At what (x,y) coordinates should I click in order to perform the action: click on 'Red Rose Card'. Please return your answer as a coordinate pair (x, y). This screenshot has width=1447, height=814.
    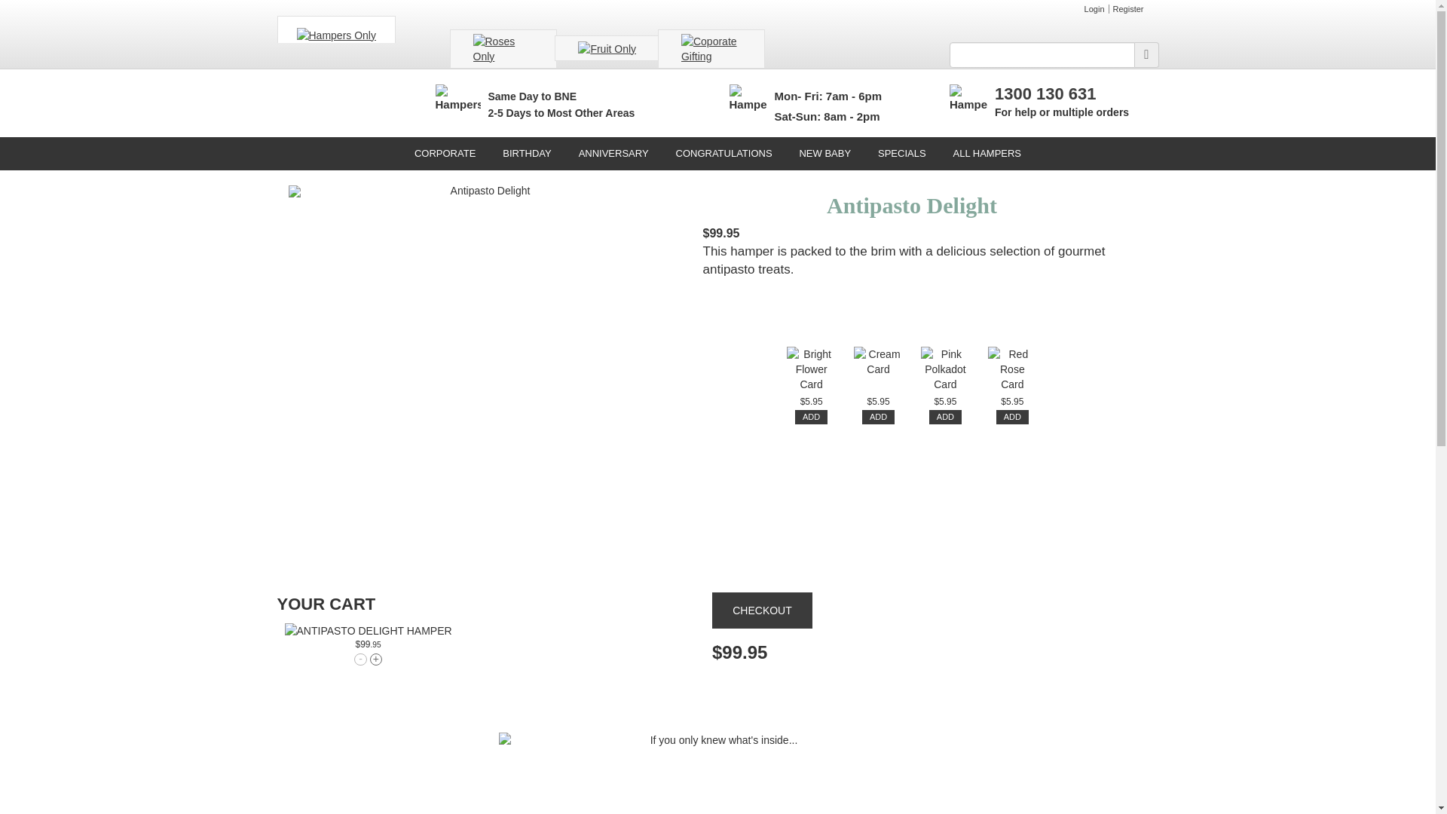
    Looking at the image, I should click on (1012, 371).